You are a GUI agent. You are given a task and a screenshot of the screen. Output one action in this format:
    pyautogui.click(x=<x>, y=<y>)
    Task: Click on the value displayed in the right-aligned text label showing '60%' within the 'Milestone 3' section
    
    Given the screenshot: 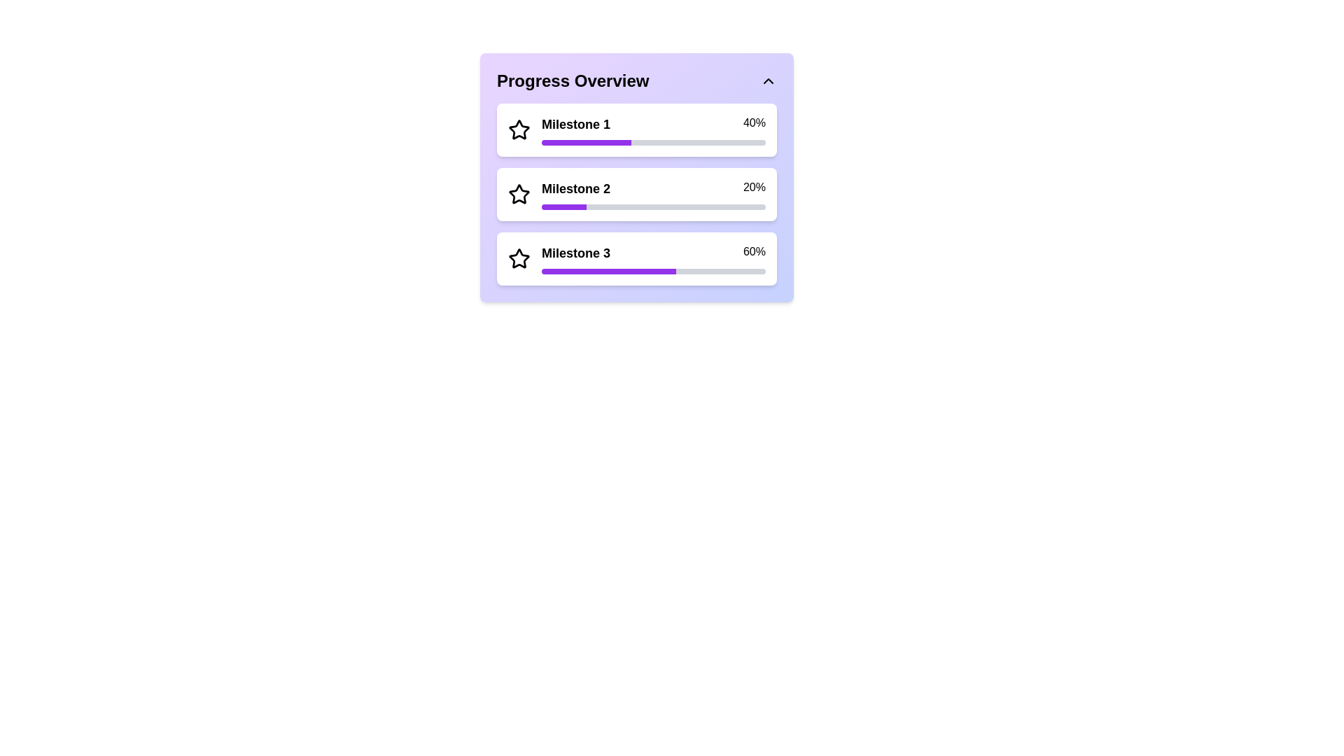 What is the action you would take?
    pyautogui.click(x=753, y=253)
    